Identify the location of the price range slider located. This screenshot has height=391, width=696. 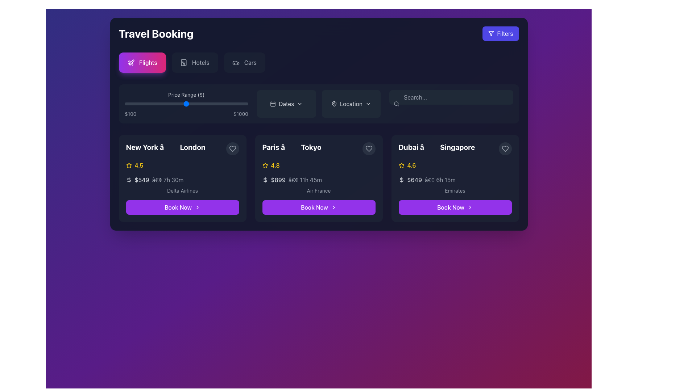
(186, 104).